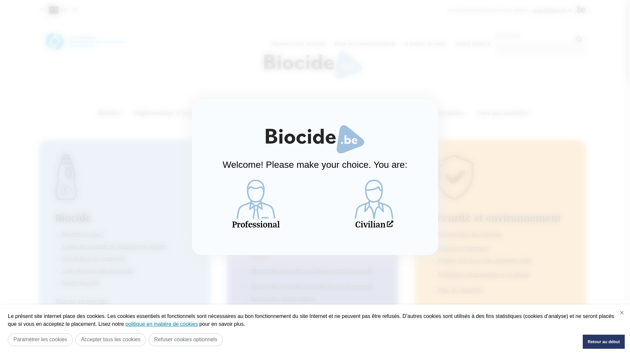 The width and height of the screenshot is (630, 354). I want to click on 'Forum Biocide', so click(80, 283).